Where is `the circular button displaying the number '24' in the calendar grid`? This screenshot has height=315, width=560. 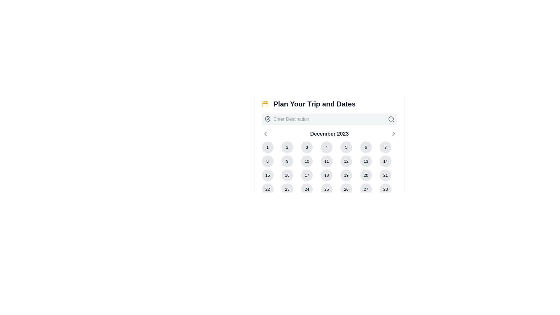
the circular button displaying the number '24' in the calendar grid is located at coordinates (307, 189).